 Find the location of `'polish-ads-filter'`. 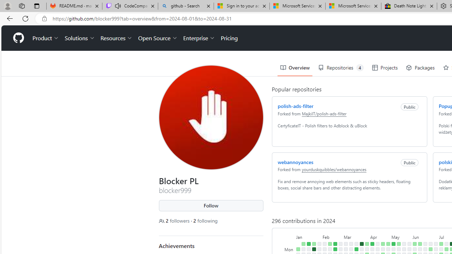

'polish-ads-filter' is located at coordinates (296, 106).